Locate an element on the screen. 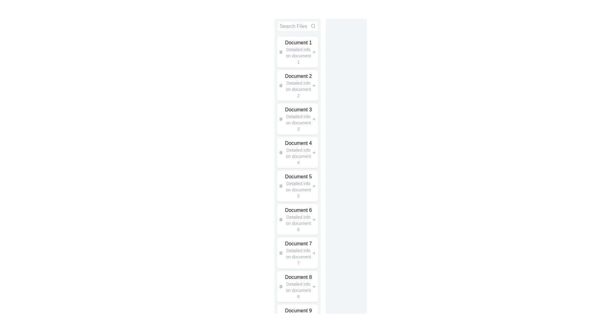 This screenshot has height=335, width=596. the icon representing 'Document 7' located in the left portion of its row is located at coordinates (280, 253).